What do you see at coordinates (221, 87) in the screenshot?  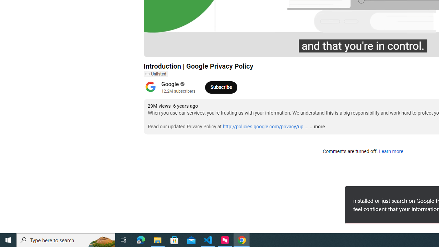 I see `'Subscribe to Google.'` at bounding box center [221, 87].